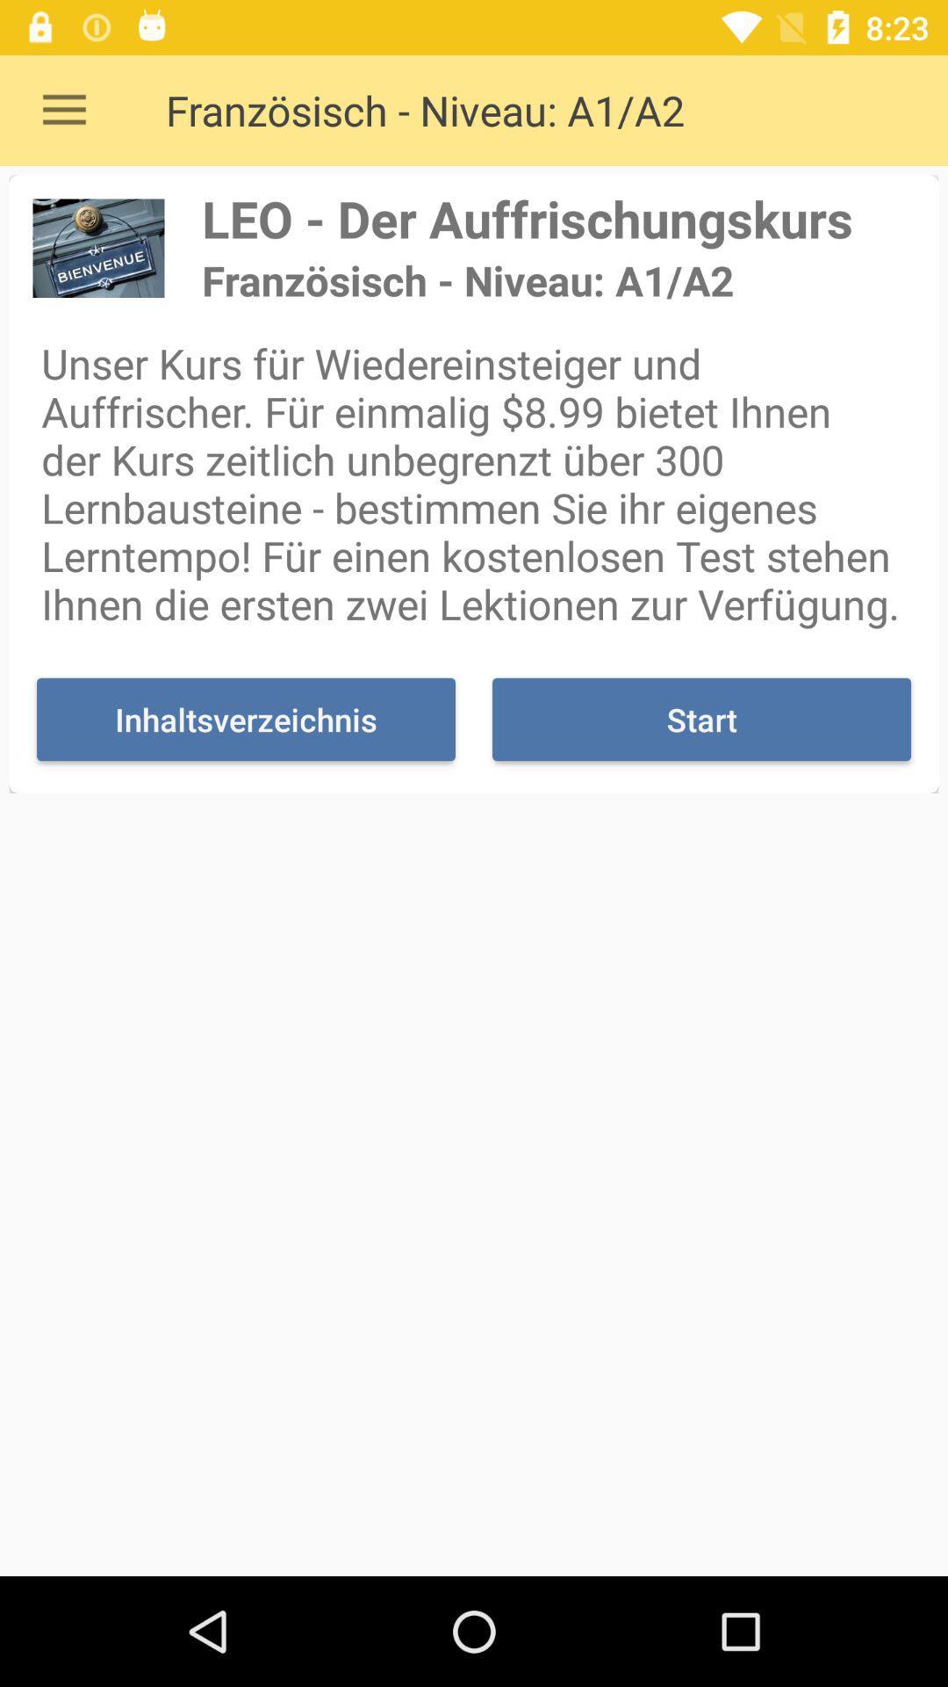 The width and height of the screenshot is (948, 1687). What do you see at coordinates (700, 720) in the screenshot?
I see `item next to the inhaltsverzeichnis` at bounding box center [700, 720].